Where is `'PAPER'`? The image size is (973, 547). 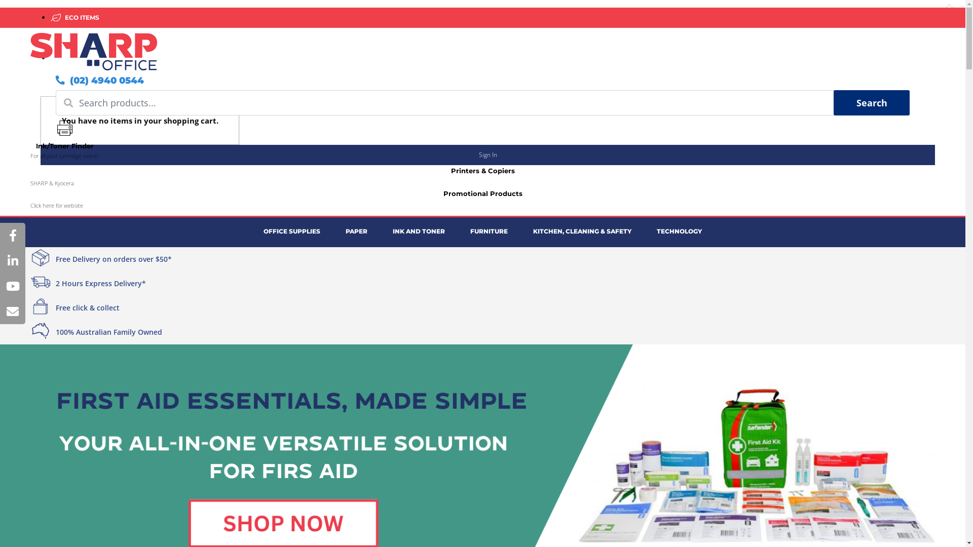 'PAPER' is located at coordinates (356, 231).